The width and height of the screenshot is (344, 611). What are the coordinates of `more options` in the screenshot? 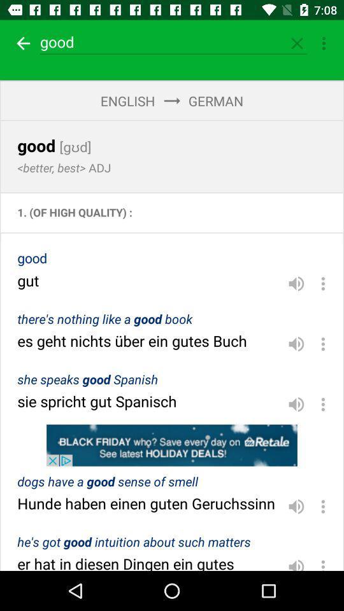 It's located at (324, 43).